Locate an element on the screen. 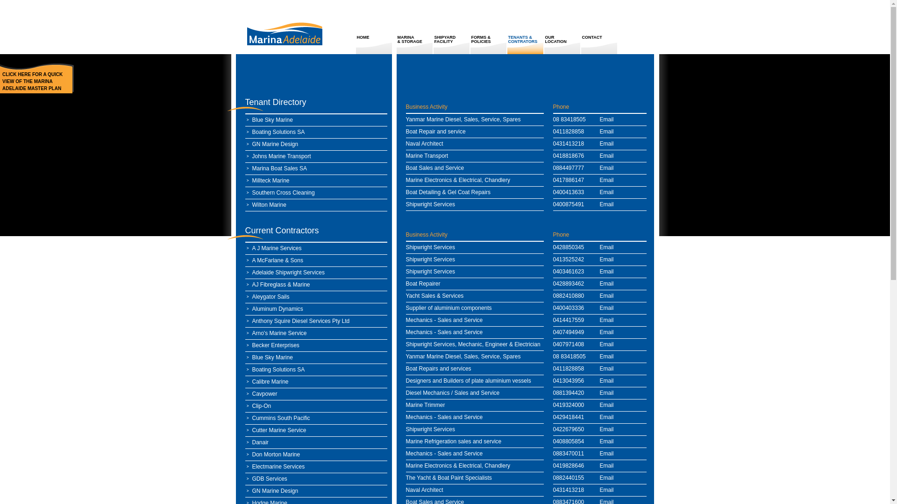 The image size is (897, 504). 'Email' is located at coordinates (607, 192).